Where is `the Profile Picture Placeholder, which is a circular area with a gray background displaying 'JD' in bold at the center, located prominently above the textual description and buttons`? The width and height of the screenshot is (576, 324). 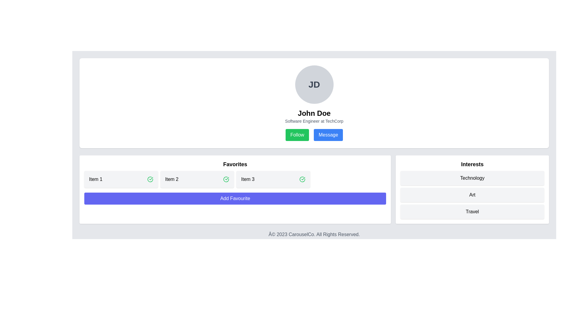
the Profile Picture Placeholder, which is a circular area with a gray background displaying 'JD' in bold at the center, located prominently above the textual description and buttons is located at coordinates (314, 84).